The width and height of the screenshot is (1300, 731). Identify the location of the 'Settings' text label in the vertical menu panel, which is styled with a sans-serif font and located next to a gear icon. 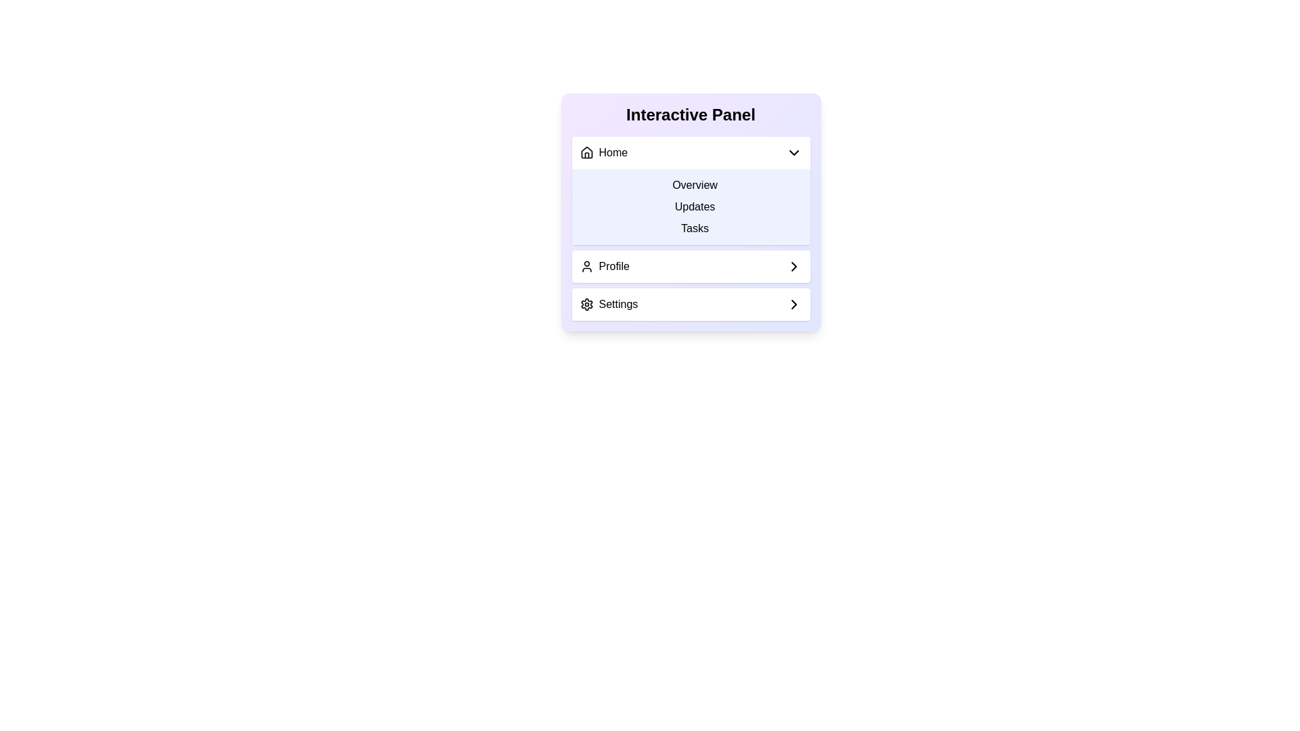
(617, 305).